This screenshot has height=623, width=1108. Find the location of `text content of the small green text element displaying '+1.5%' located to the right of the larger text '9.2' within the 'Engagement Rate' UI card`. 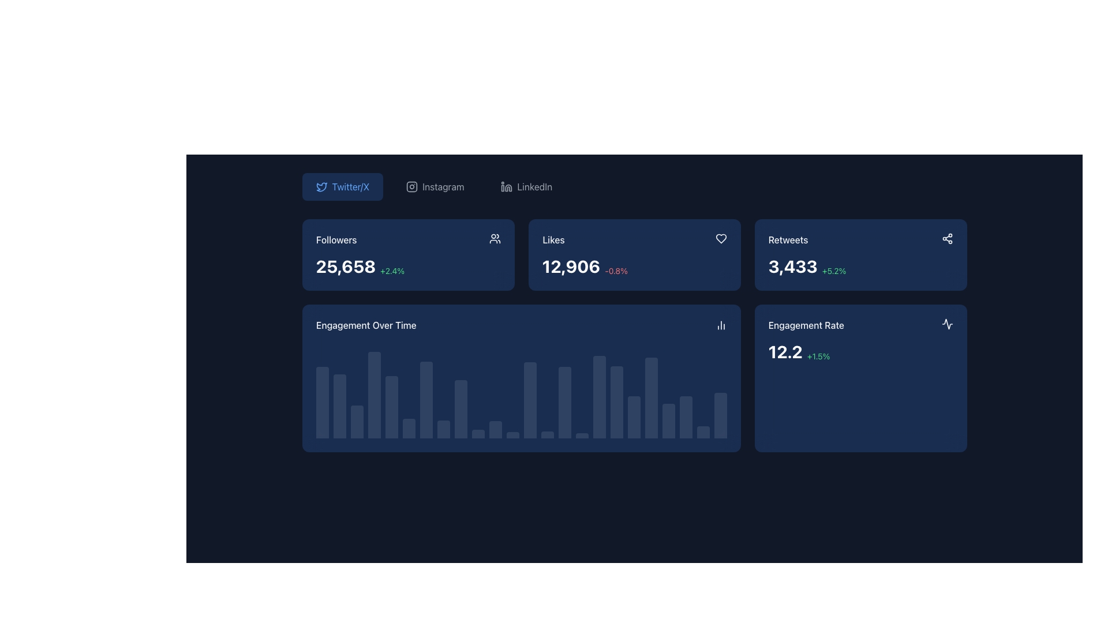

text content of the small green text element displaying '+1.5%' located to the right of the larger text '9.2' within the 'Engagement Rate' UI card is located at coordinates (810, 355).